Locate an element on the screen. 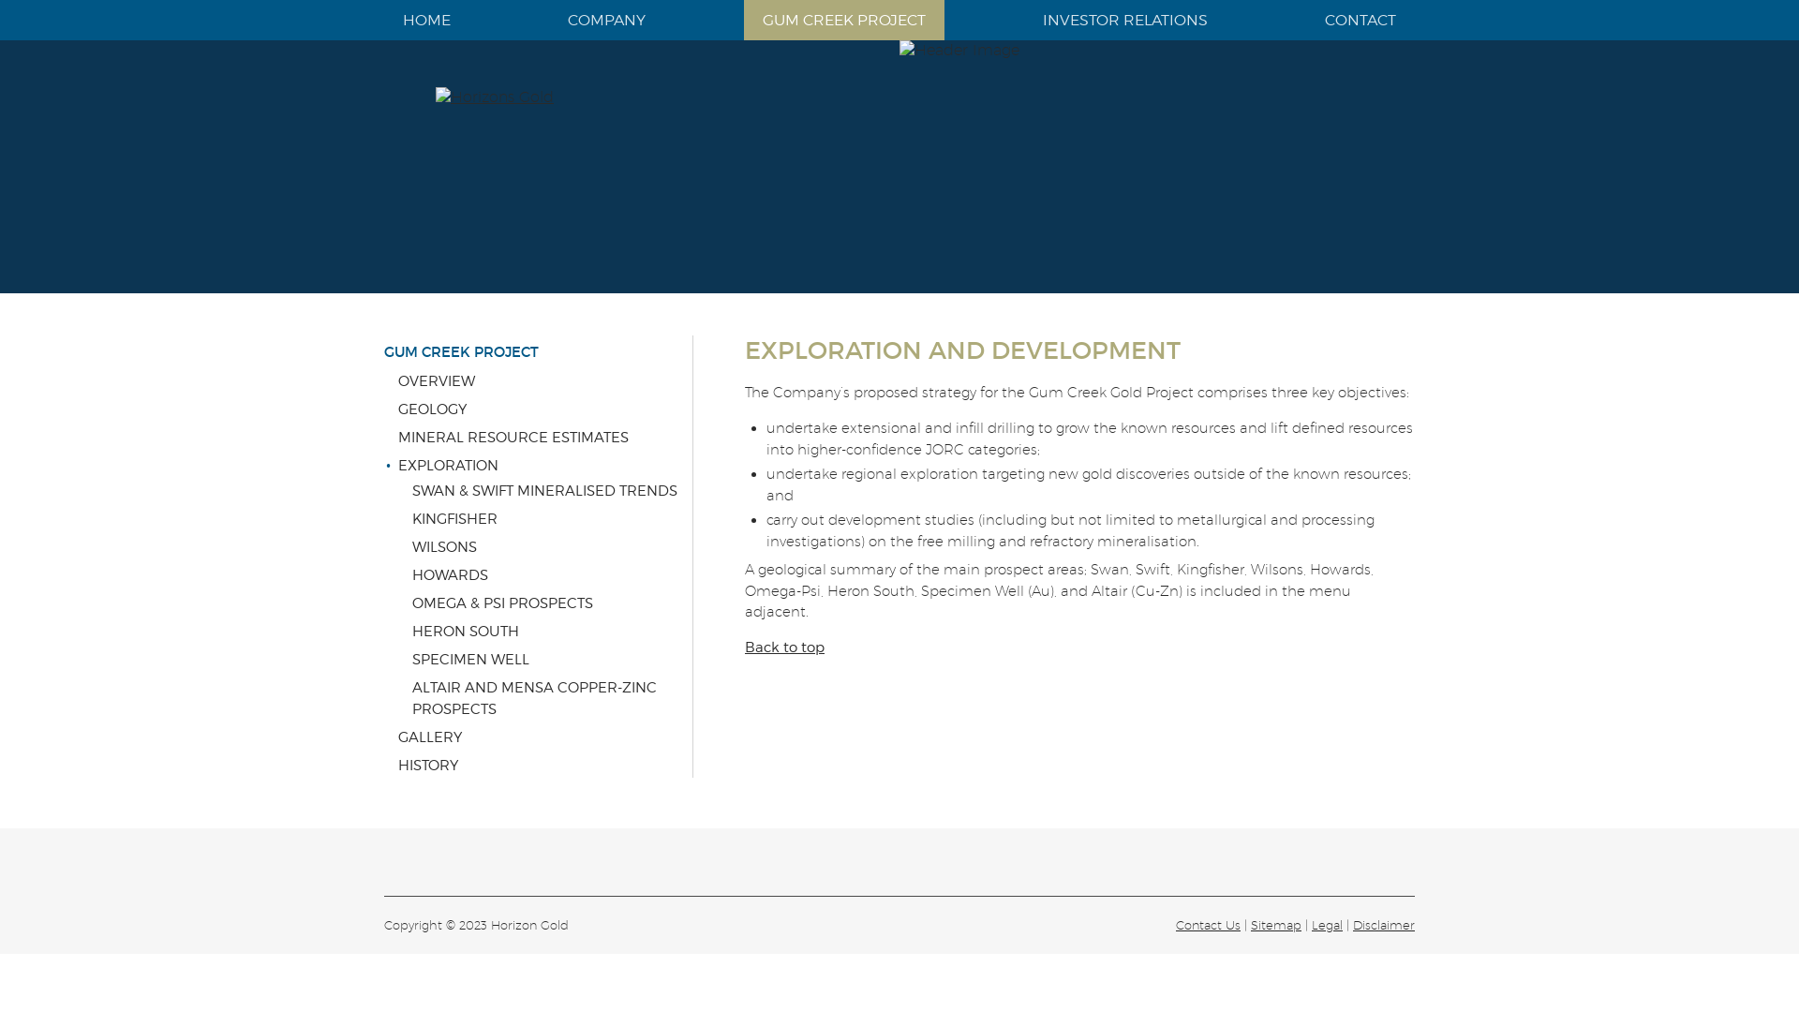 This screenshot has height=1012, width=1799. 'Legal' is located at coordinates (1326, 924).